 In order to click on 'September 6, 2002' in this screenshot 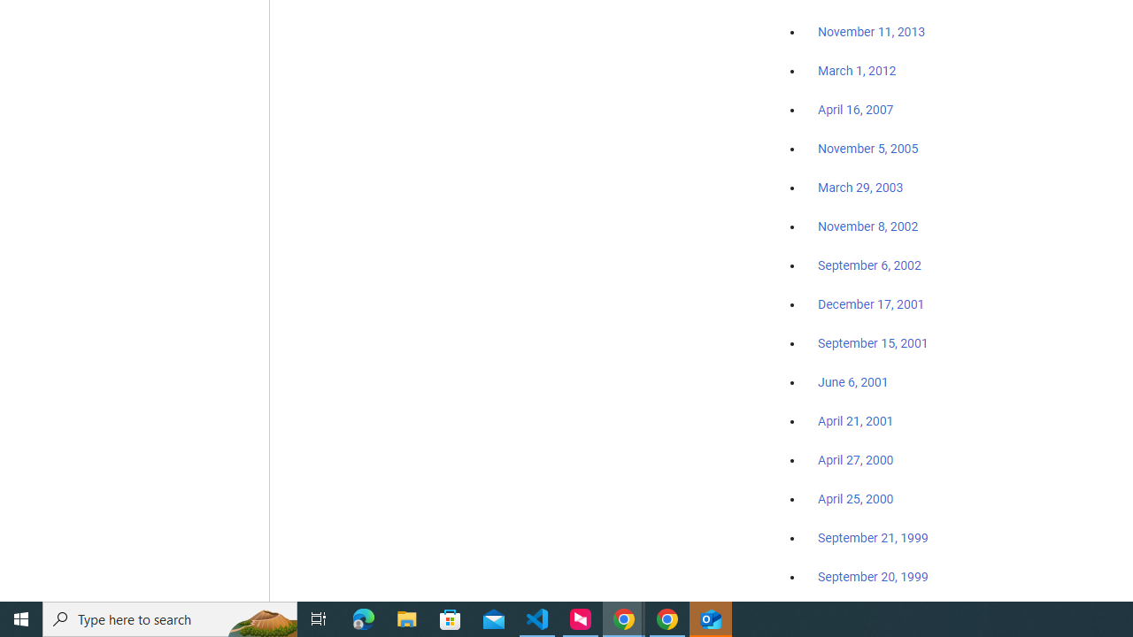, I will do `click(869, 265)`.